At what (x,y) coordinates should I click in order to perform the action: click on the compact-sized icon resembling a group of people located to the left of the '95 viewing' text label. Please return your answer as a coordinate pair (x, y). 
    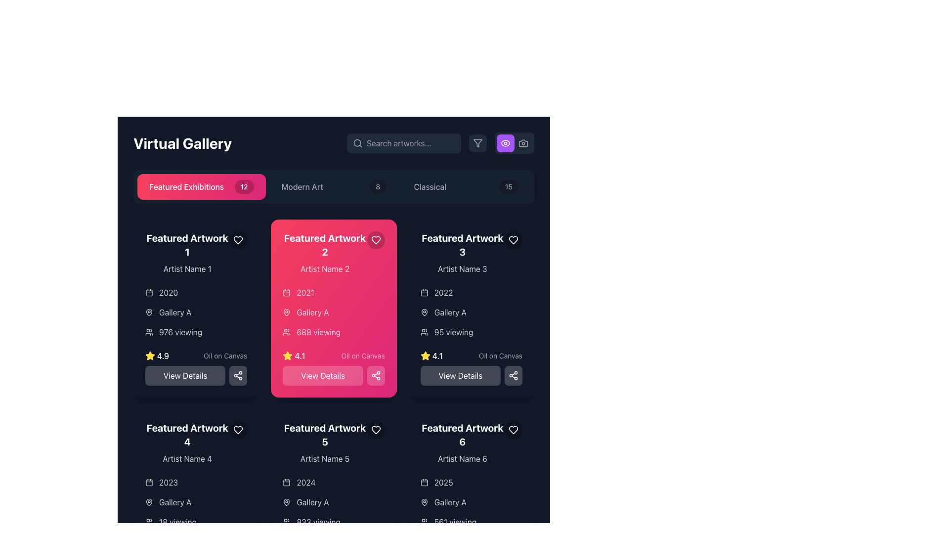
    Looking at the image, I should click on (424, 332).